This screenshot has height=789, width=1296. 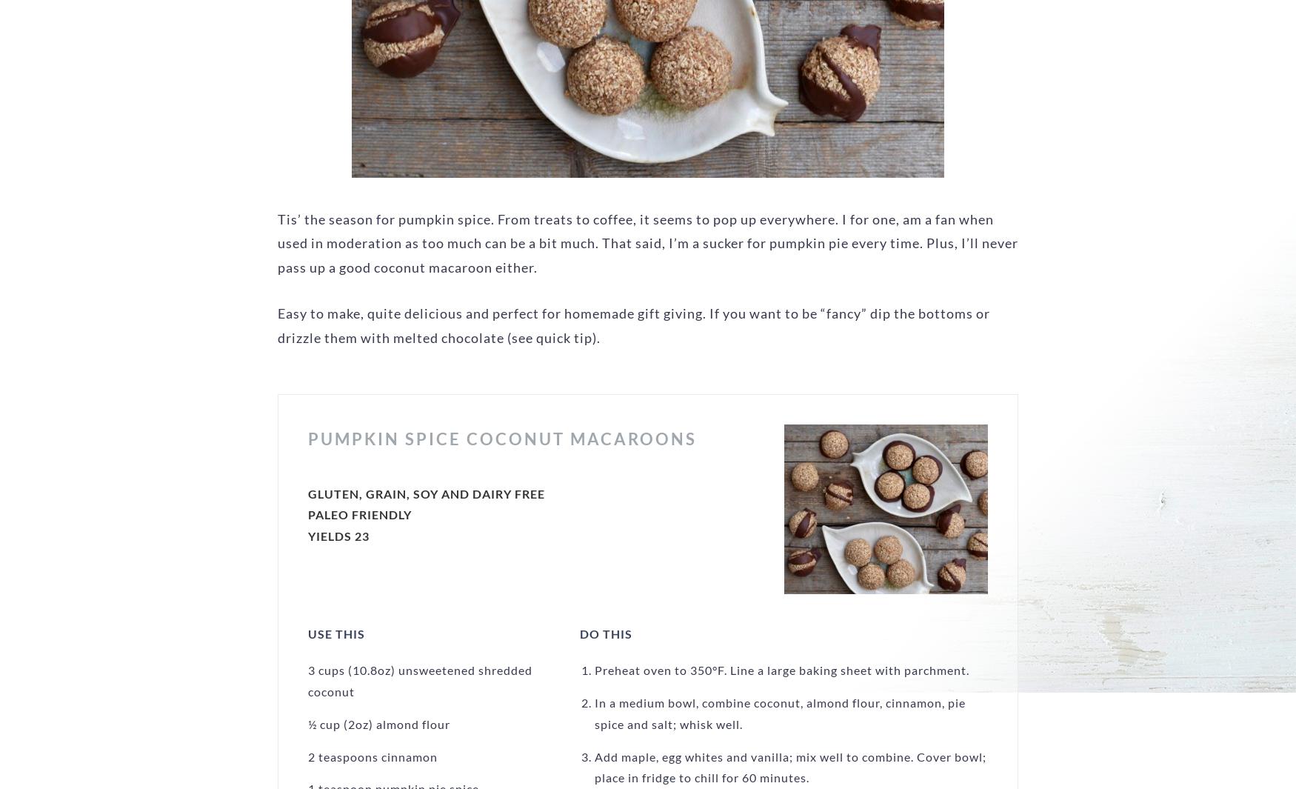 What do you see at coordinates (420, 680) in the screenshot?
I see `'3 cups (10.8oz) unsweetened shredded coconut'` at bounding box center [420, 680].